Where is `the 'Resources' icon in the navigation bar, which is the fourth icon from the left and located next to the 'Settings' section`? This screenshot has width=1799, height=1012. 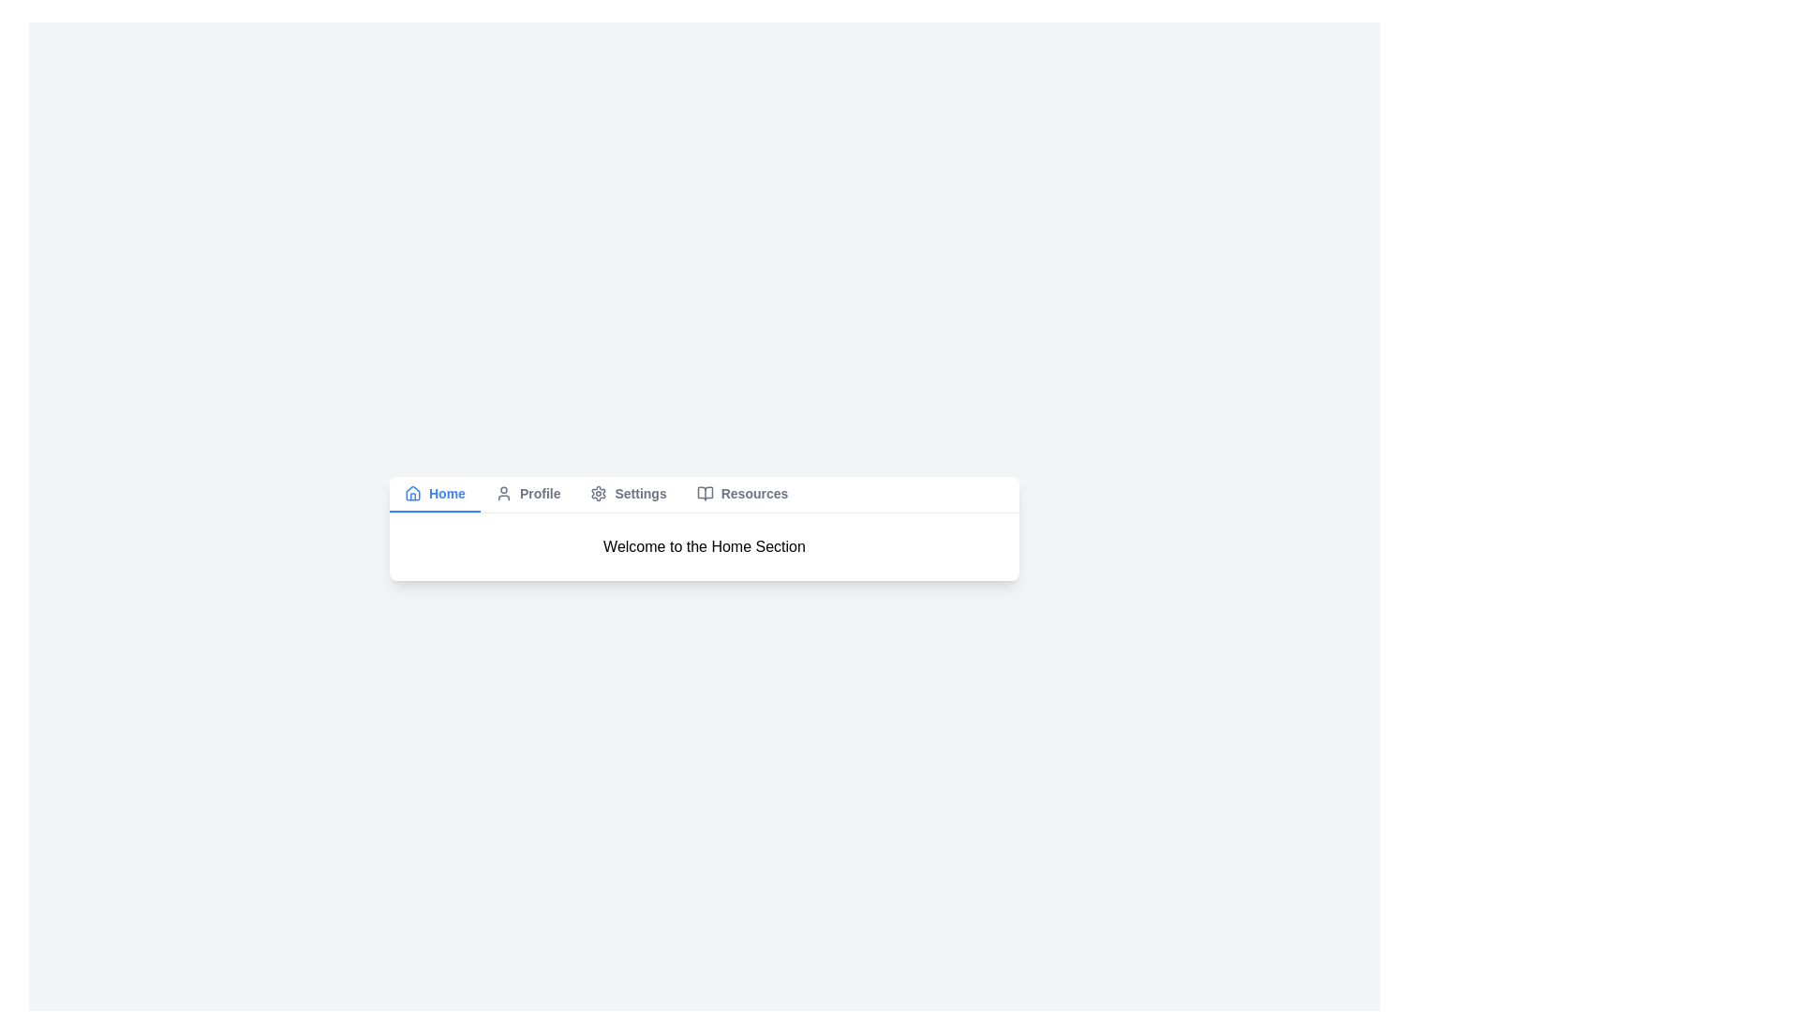
the 'Resources' icon in the navigation bar, which is the fourth icon from the left and located next to the 'Settings' section is located at coordinates (704, 492).